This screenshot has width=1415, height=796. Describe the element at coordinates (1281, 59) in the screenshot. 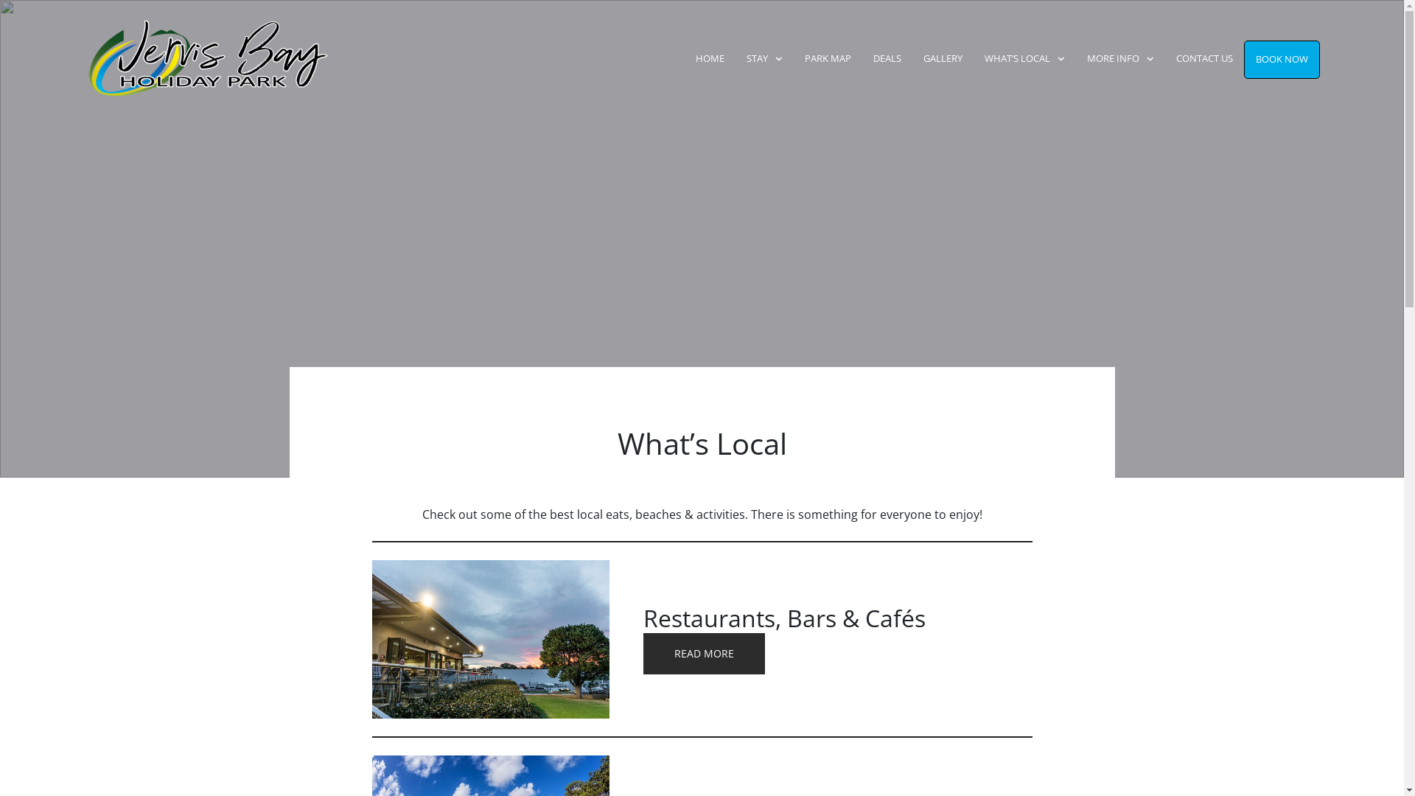

I see `'BOOK NOW'` at that location.